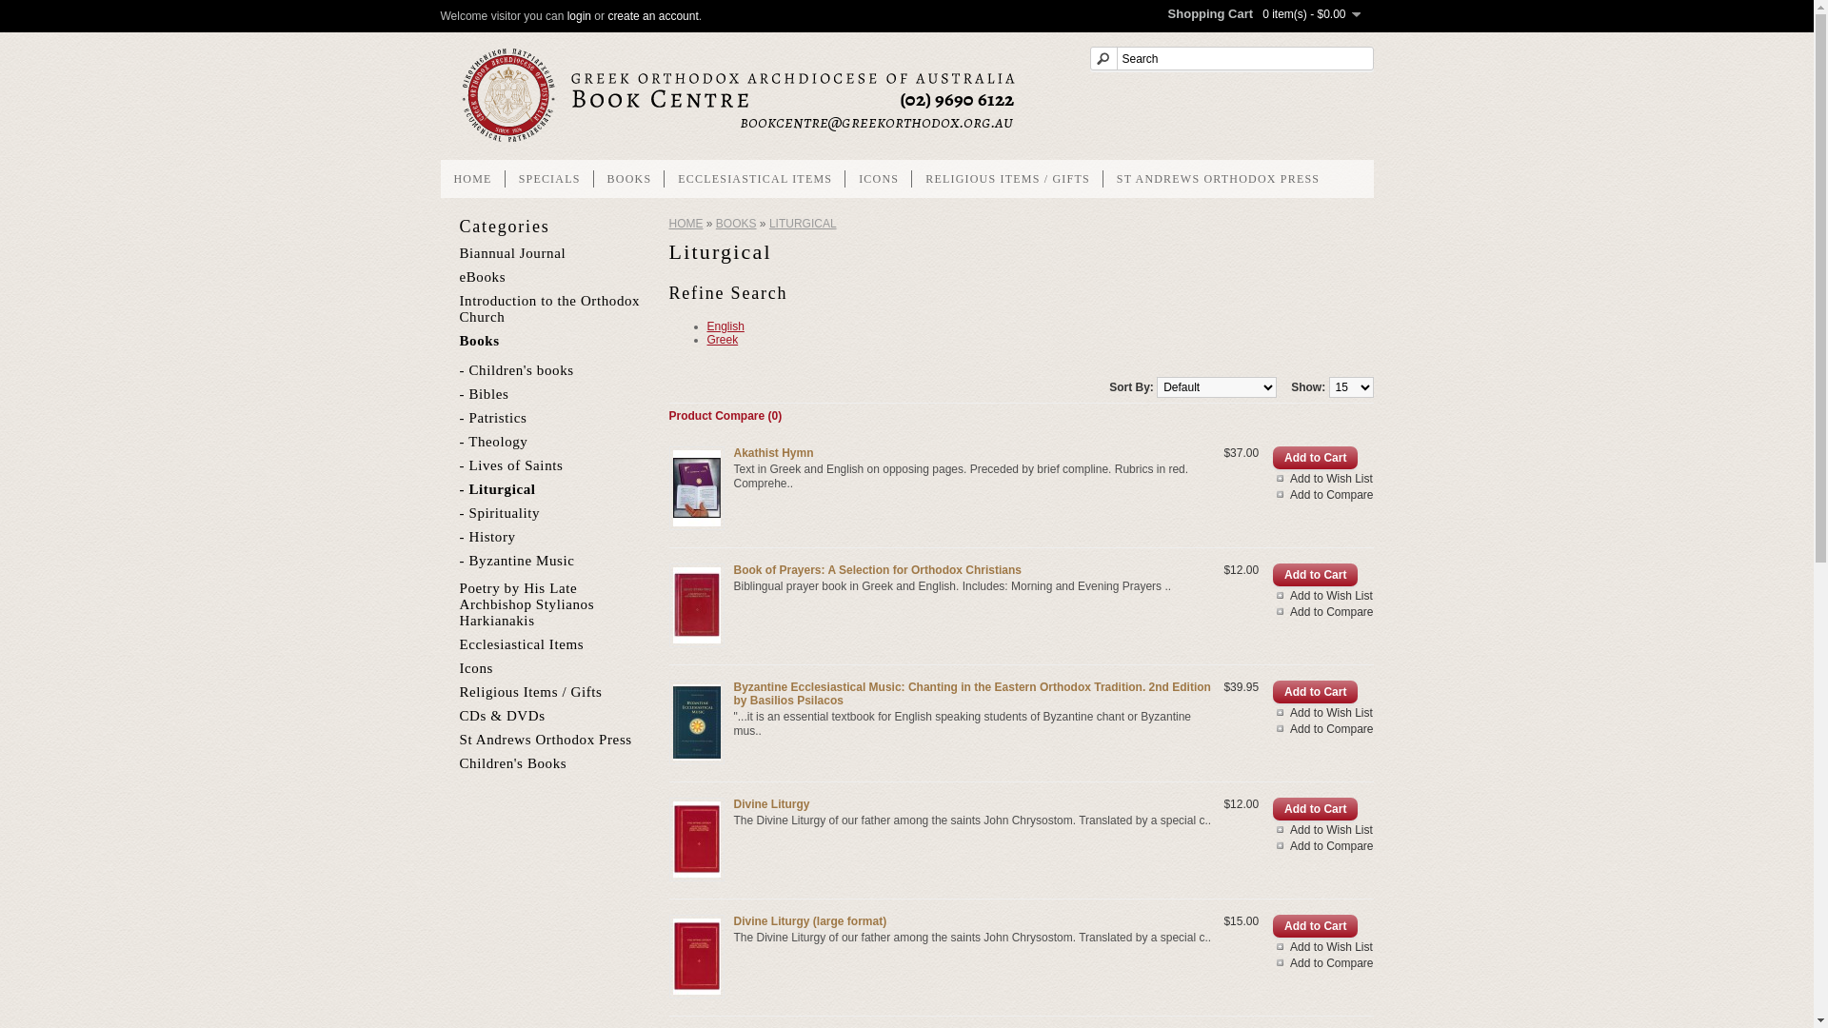  Describe the element at coordinates (1006, 179) in the screenshot. I see `'RELIGIOUS ITEMS / GIFTS'` at that location.